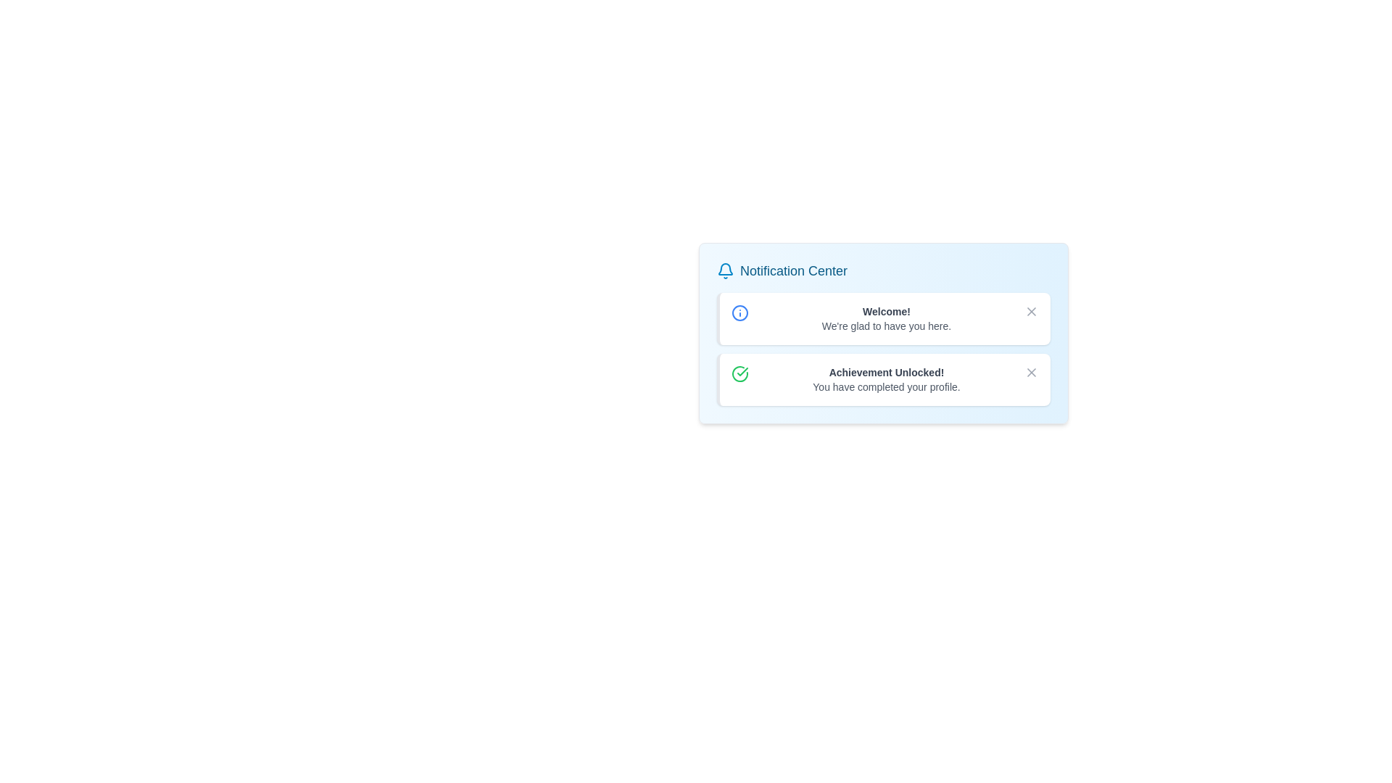 This screenshot has width=1392, height=783. Describe the element at coordinates (886, 310) in the screenshot. I see `the 'Welcome!' static text element displayed in bold, gray color at the top of the notification card` at that location.